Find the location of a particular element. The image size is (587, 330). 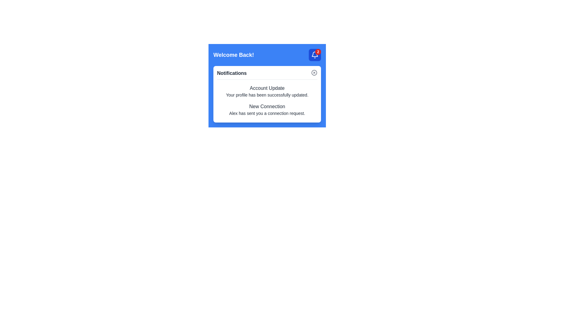

notification message indicating that Alex has sent a connection request, located as the second item in the Notifications section under the title 'Account Update' is located at coordinates (267, 109).